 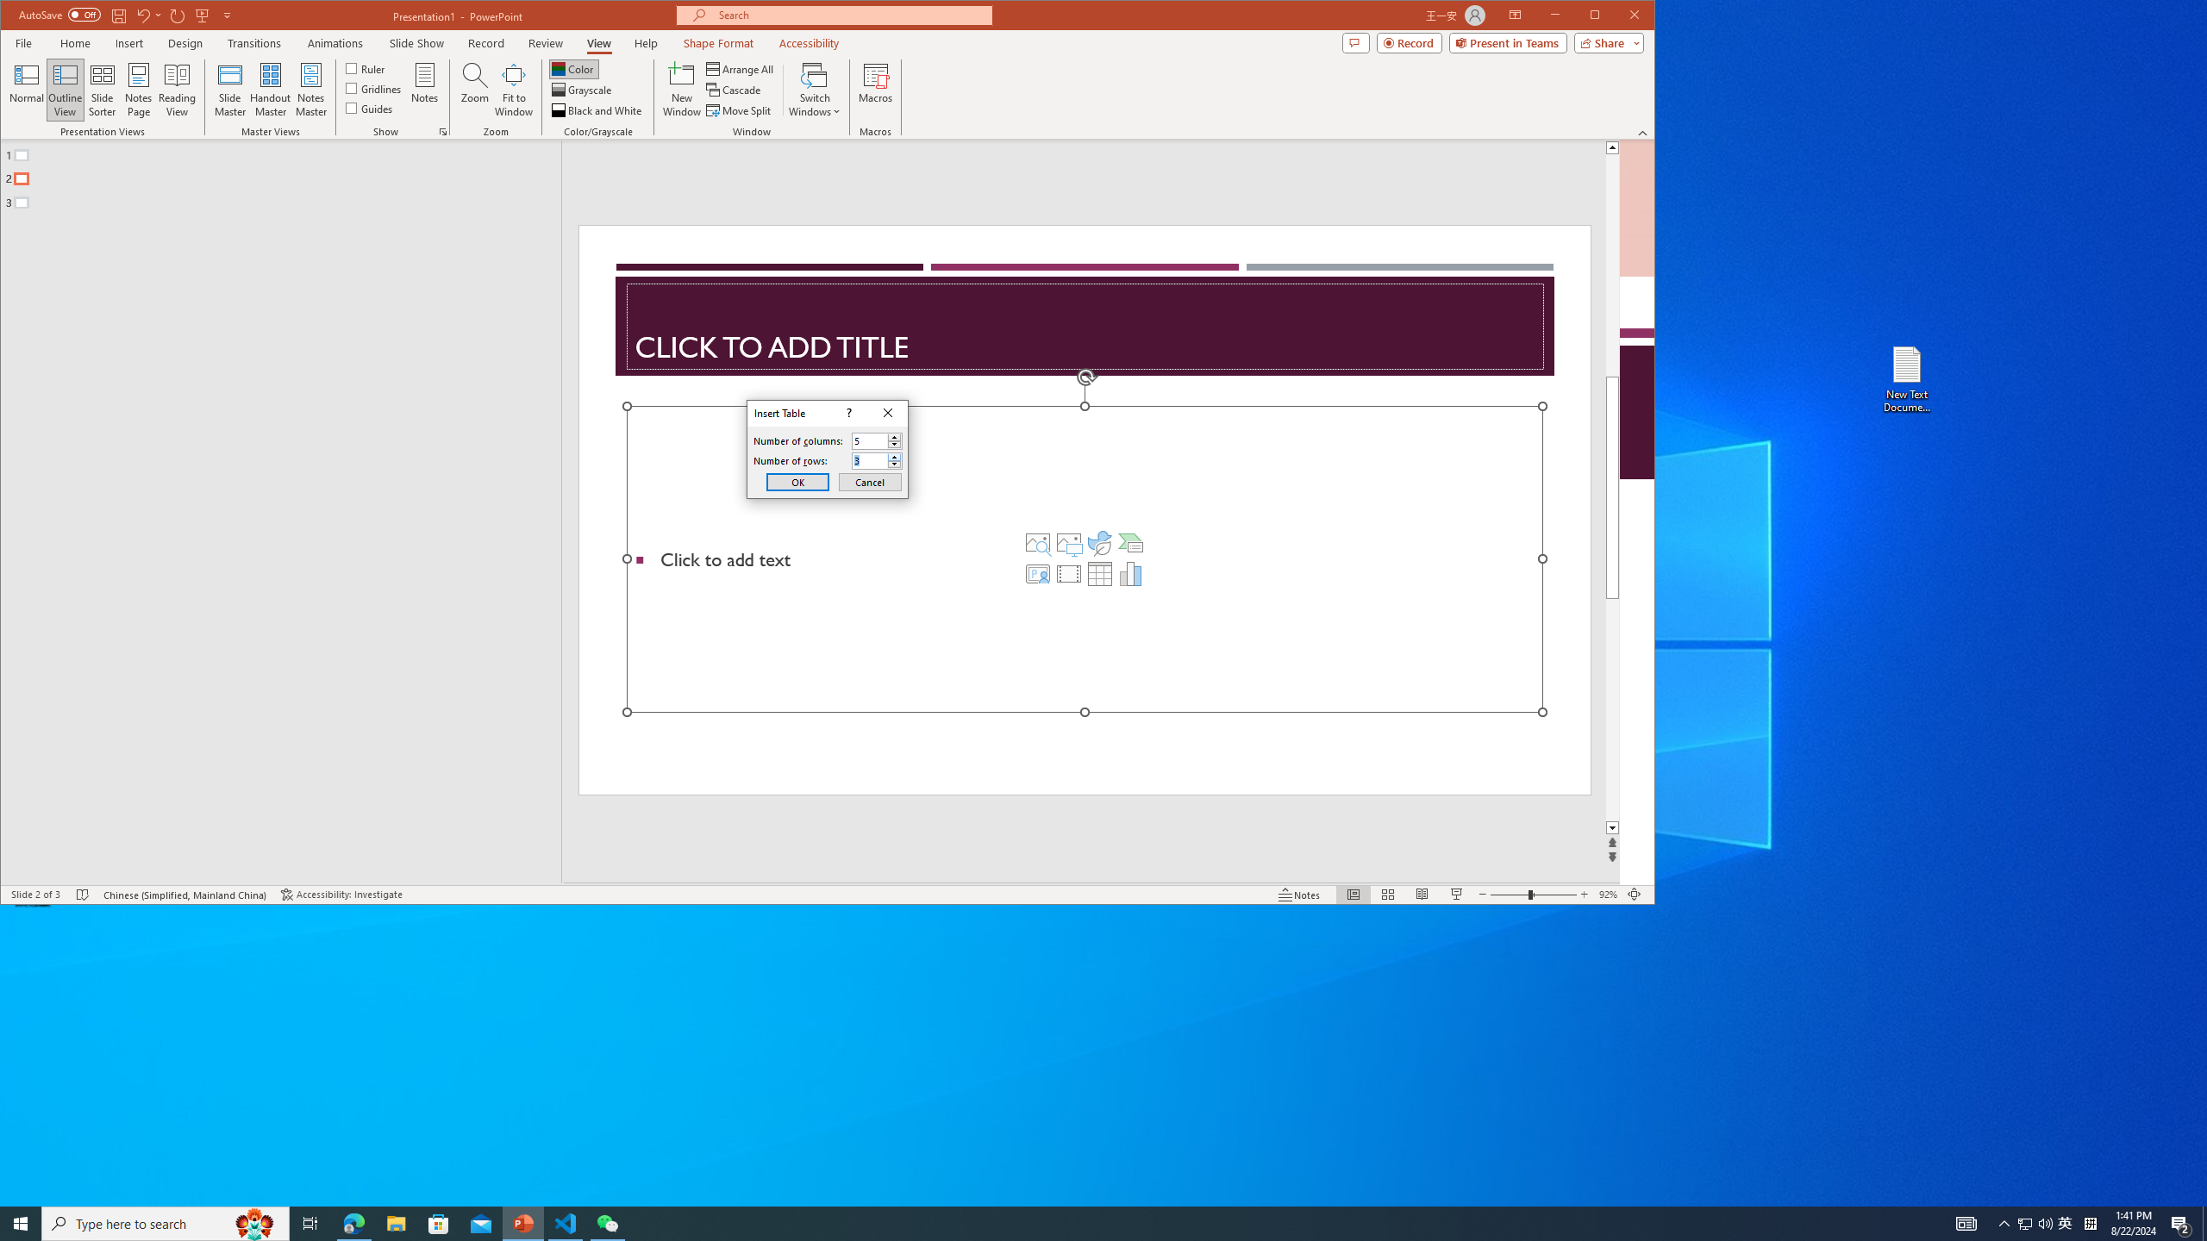 What do you see at coordinates (365, 67) in the screenshot?
I see `'Ruler'` at bounding box center [365, 67].